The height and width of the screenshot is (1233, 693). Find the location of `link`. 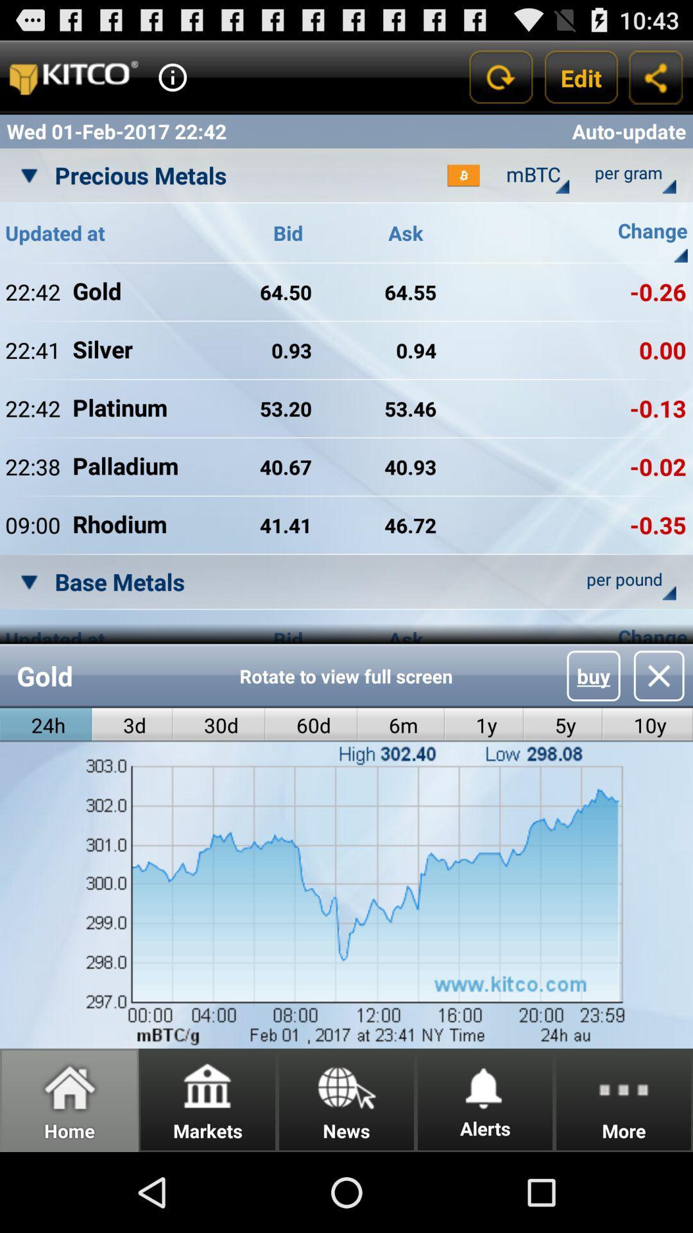

link is located at coordinates (659, 675).